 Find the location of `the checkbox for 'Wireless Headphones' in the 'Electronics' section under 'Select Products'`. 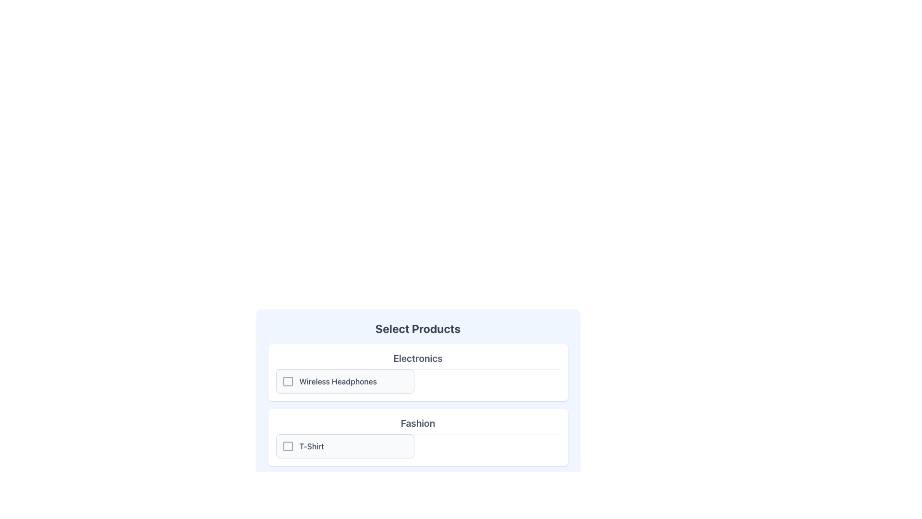

the checkbox for 'Wireless Headphones' in the 'Electronics' section under 'Select Products' is located at coordinates (418, 384).